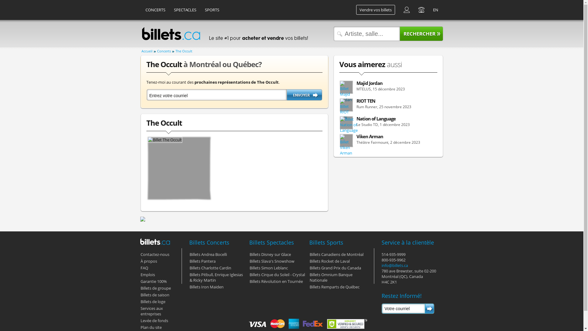 The width and height of the screenshot is (588, 331). I want to click on 'Billets Cirque du Soleil - Crystal', so click(277, 274).